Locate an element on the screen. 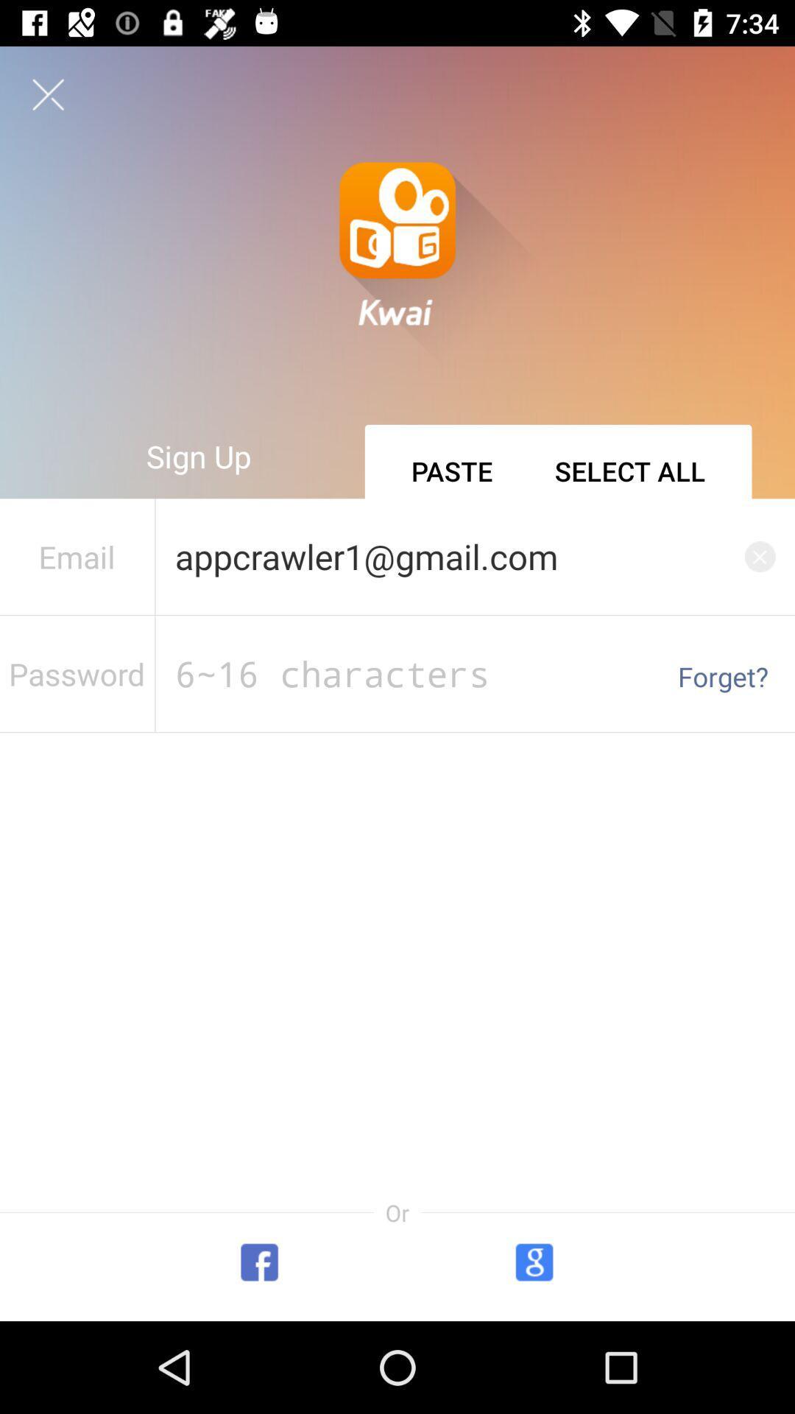 This screenshot has width=795, height=1414. the facebook icon is located at coordinates (258, 1262).